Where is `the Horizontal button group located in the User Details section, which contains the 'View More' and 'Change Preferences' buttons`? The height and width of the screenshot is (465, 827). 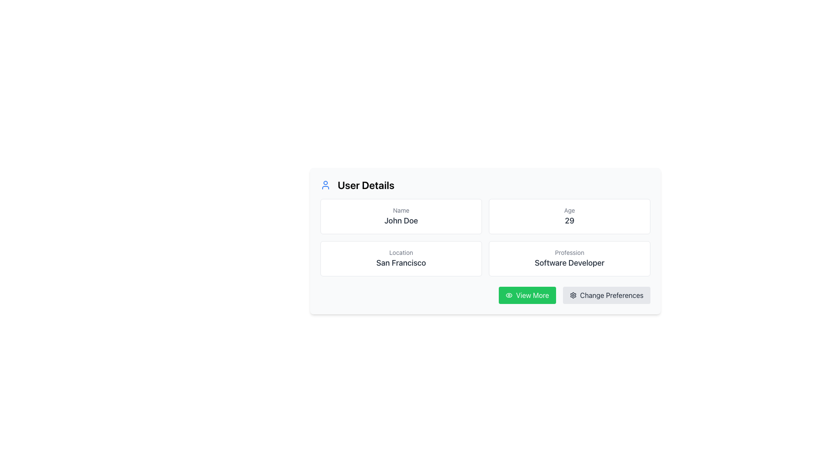
the Horizontal button group located in the User Details section, which contains the 'View More' and 'Change Preferences' buttons is located at coordinates (485, 295).